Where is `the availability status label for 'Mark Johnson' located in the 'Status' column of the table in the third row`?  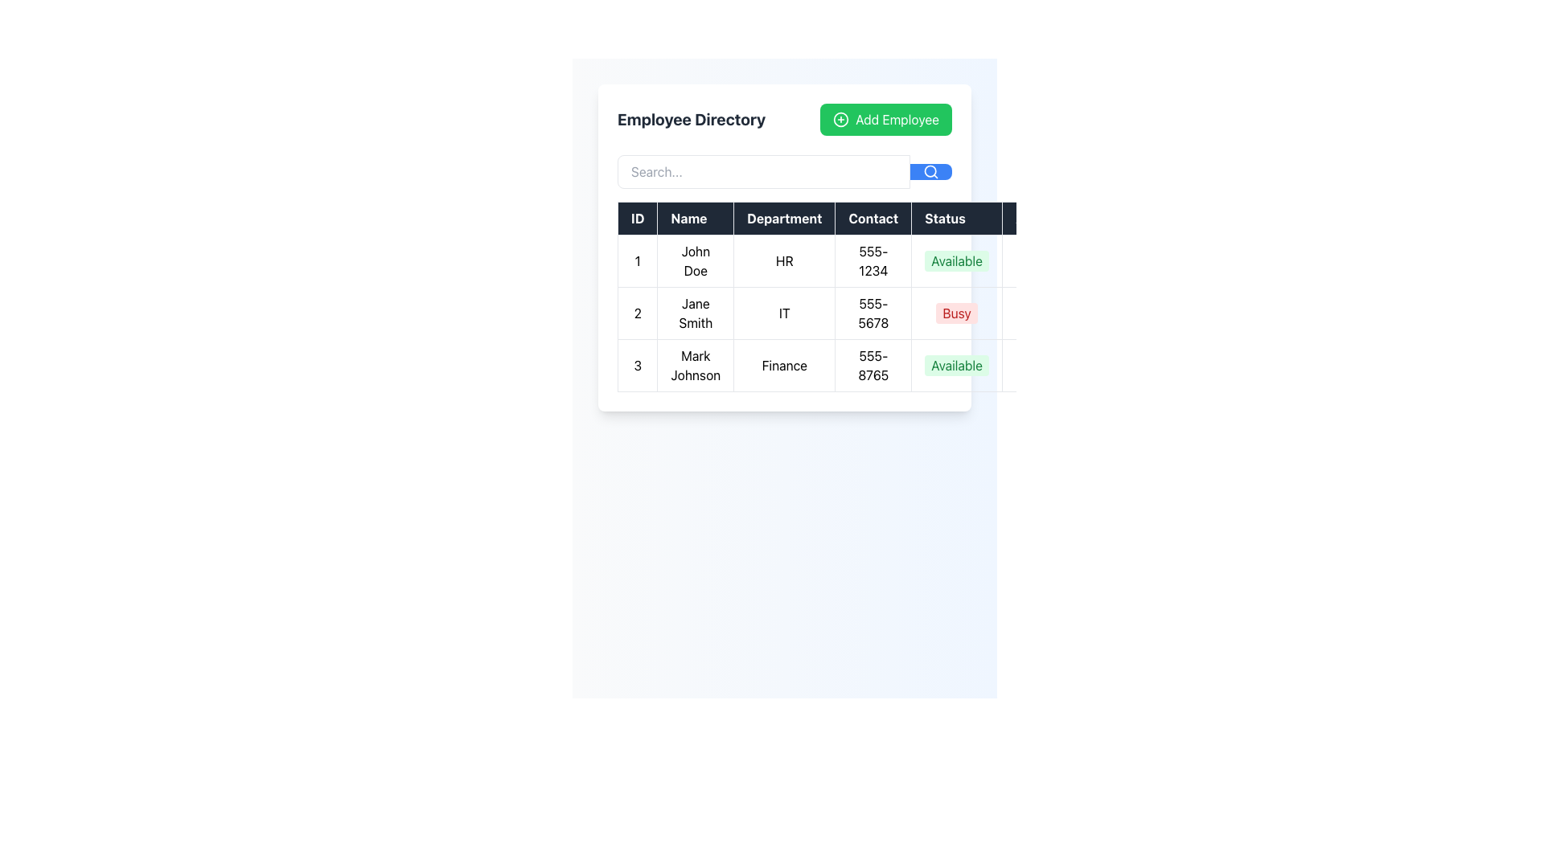 the availability status label for 'Mark Johnson' located in the 'Status' column of the table in the third row is located at coordinates (957, 366).